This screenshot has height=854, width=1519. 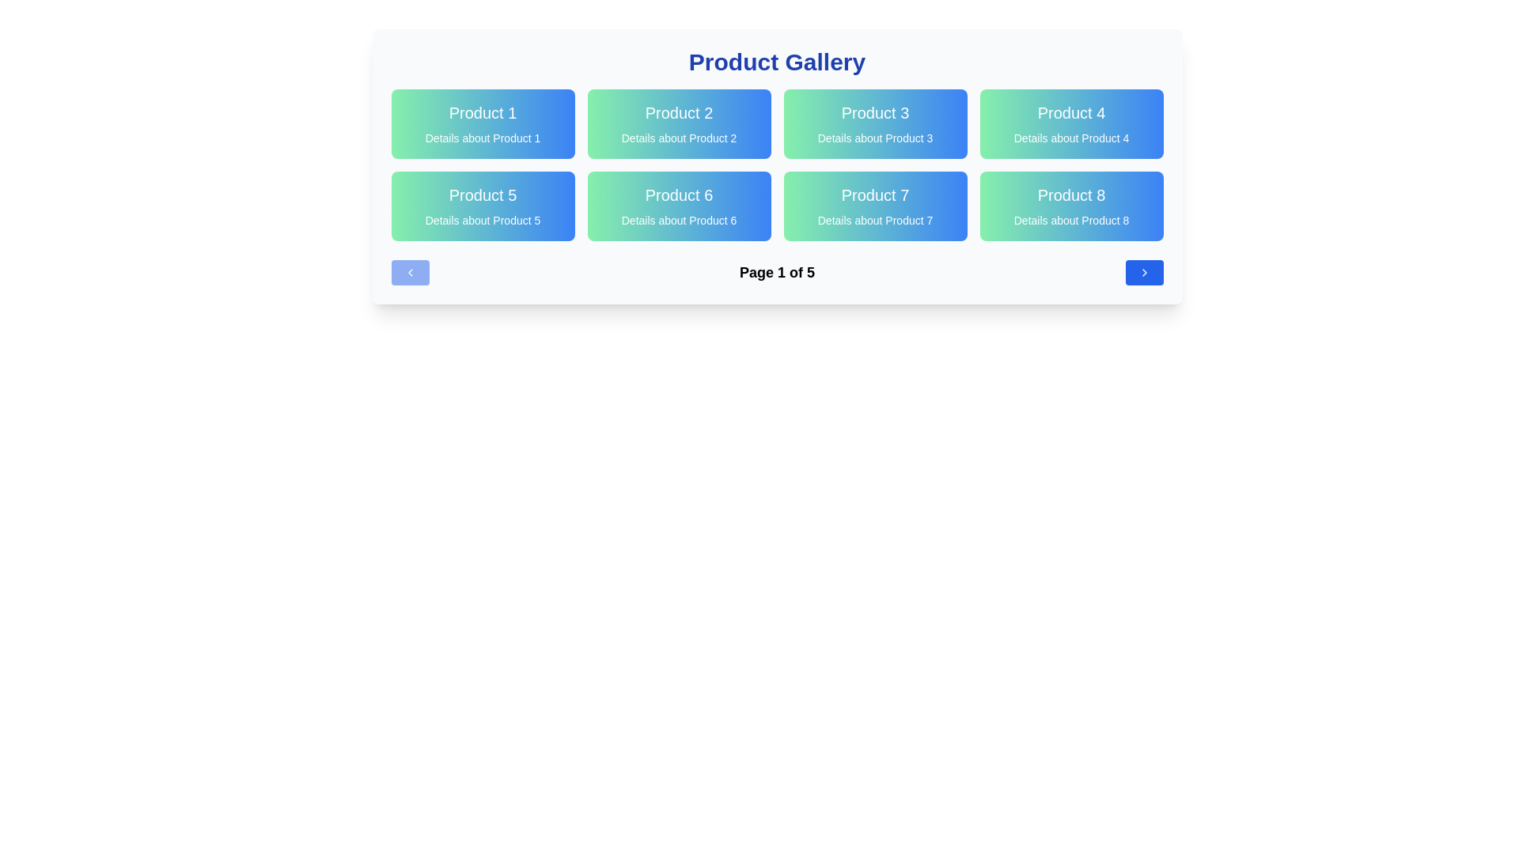 What do you see at coordinates (1071, 111) in the screenshot?
I see `the 'Product 4' label, which is a bold text element located in the top-right card of the product gallery interface` at bounding box center [1071, 111].